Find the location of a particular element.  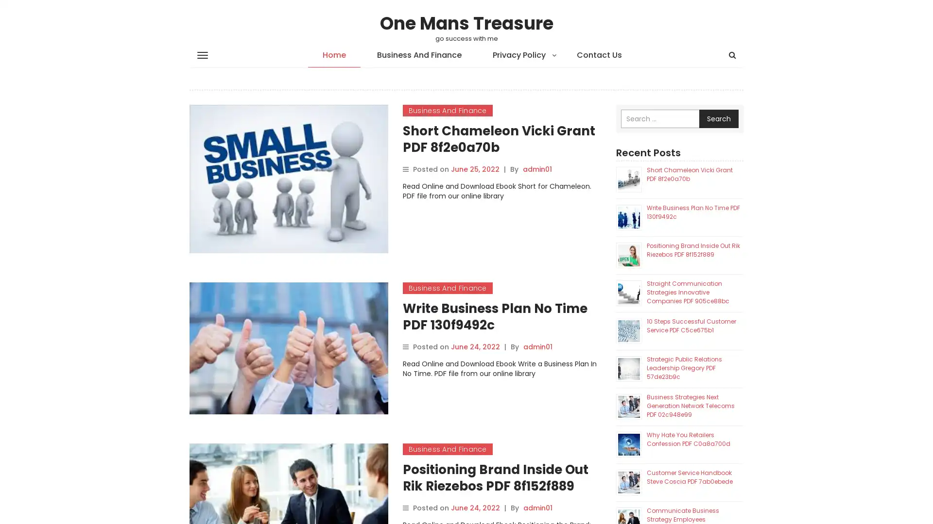

Search is located at coordinates (719, 118).